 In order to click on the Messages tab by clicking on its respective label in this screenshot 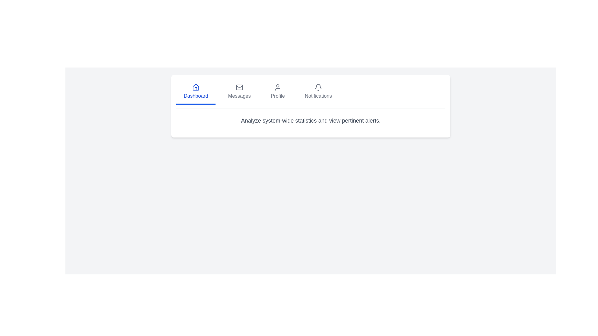, I will do `click(239, 92)`.